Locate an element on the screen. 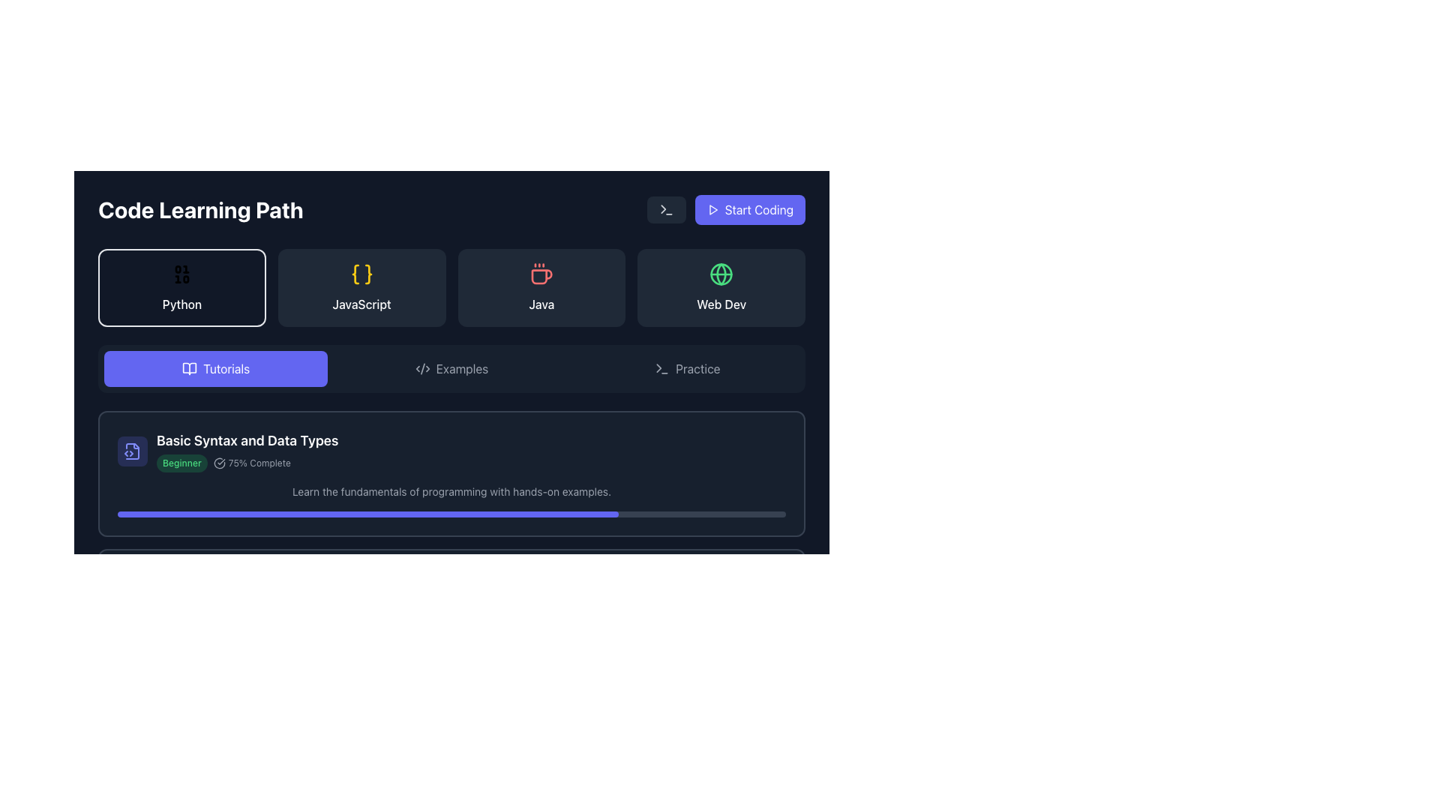 The height and width of the screenshot is (810, 1440). the green globe icon within the 'Web Dev' card, which features a grid-like pattern and is located in the top-right section of the interface is located at coordinates (721, 274).